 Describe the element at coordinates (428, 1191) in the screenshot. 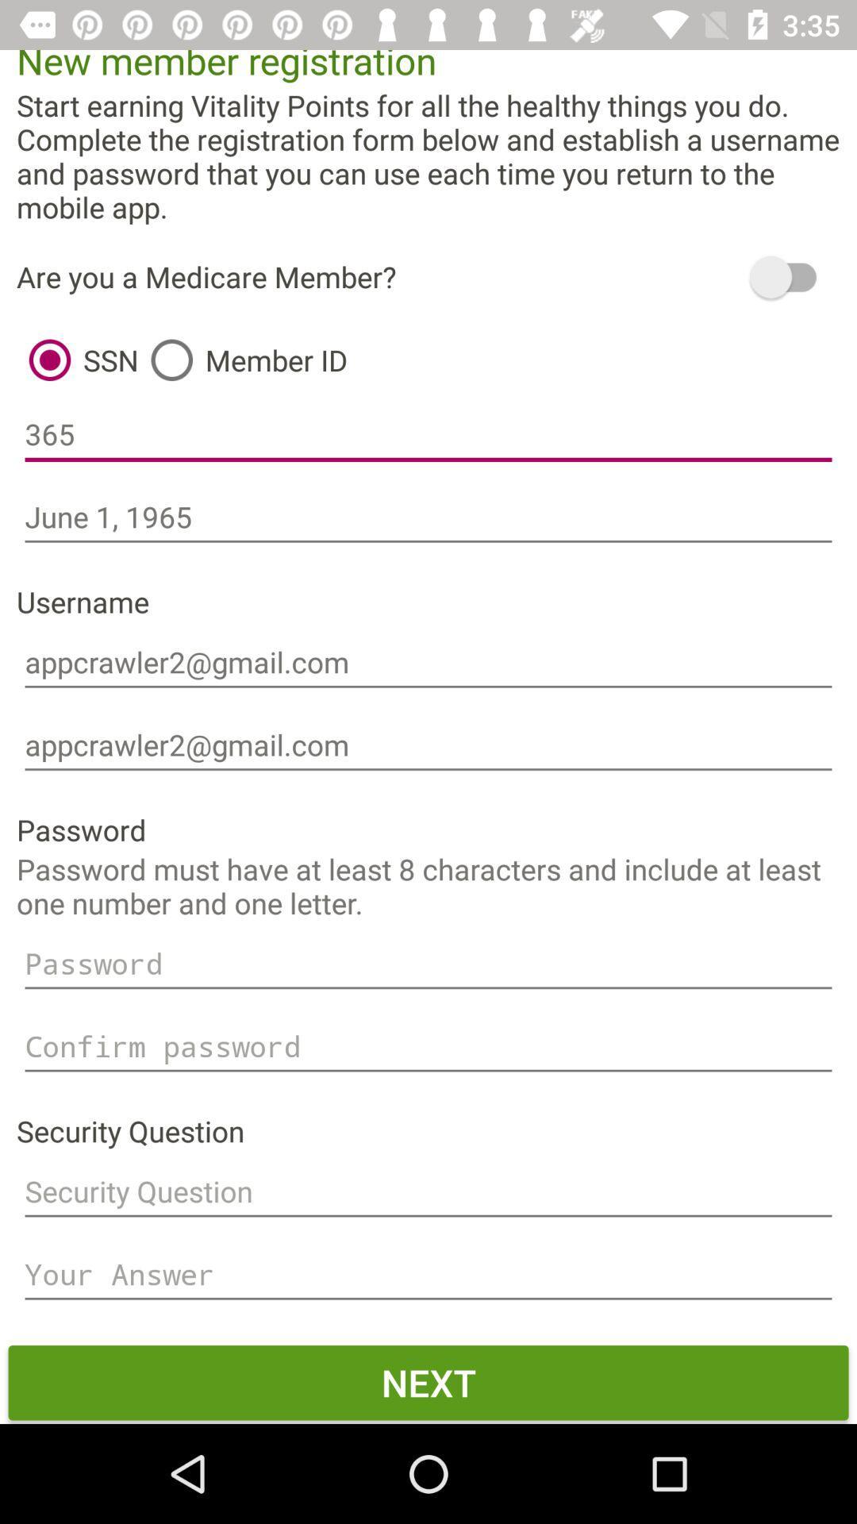

I see `write the security question` at that location.